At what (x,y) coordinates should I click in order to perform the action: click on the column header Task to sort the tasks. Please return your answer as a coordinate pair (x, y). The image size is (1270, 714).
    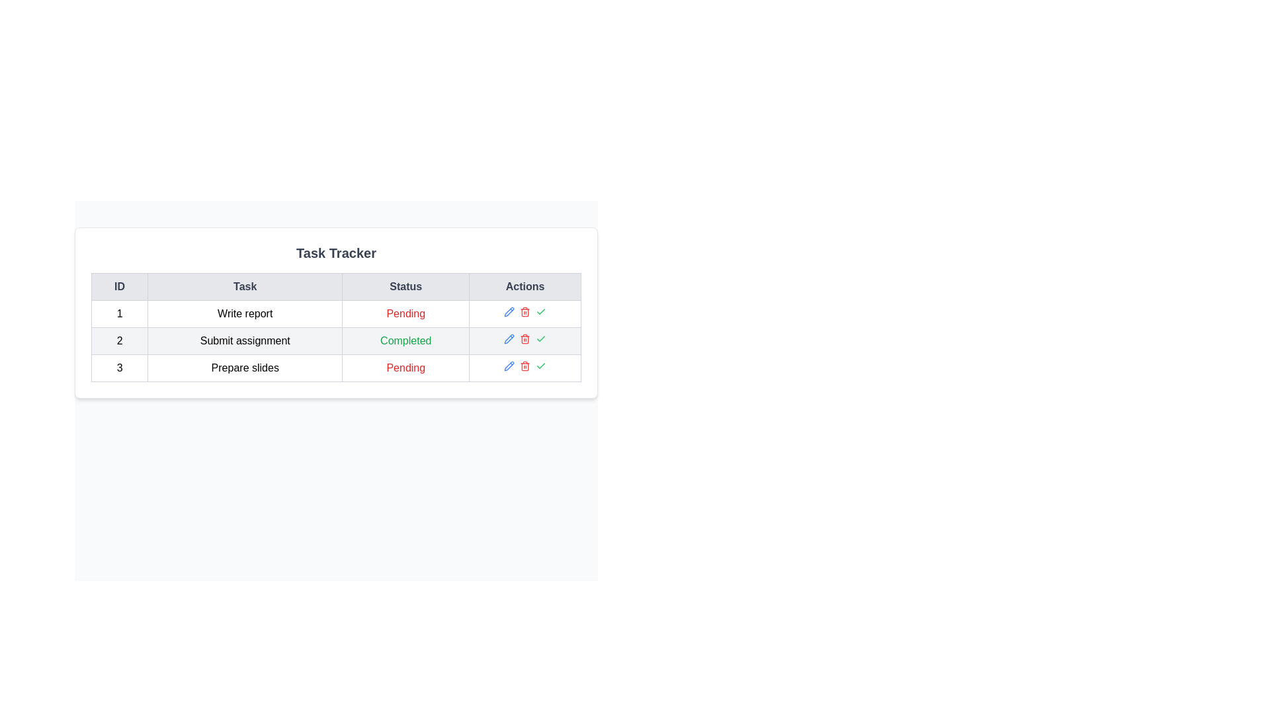
    Looking at the image, I should click on (245, 286).